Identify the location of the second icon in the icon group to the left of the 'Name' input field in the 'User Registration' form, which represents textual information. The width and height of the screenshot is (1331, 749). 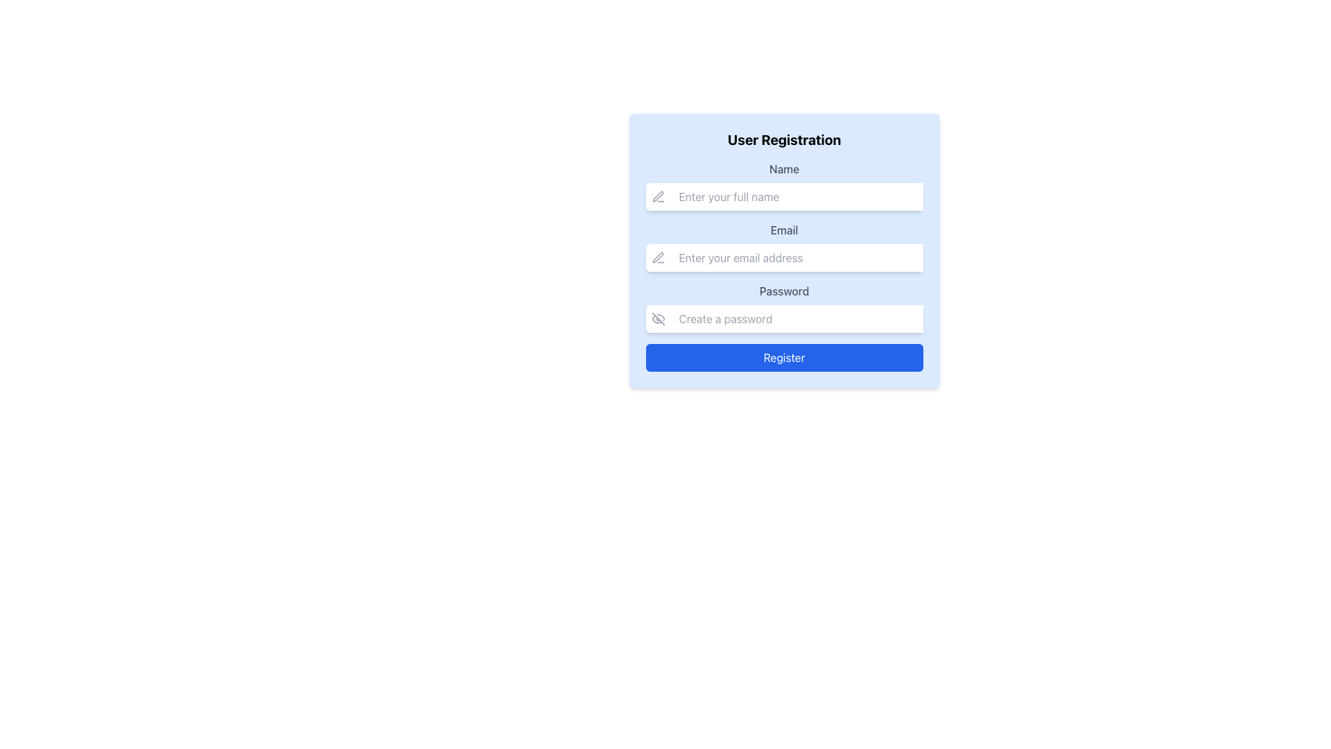
(657, 196).